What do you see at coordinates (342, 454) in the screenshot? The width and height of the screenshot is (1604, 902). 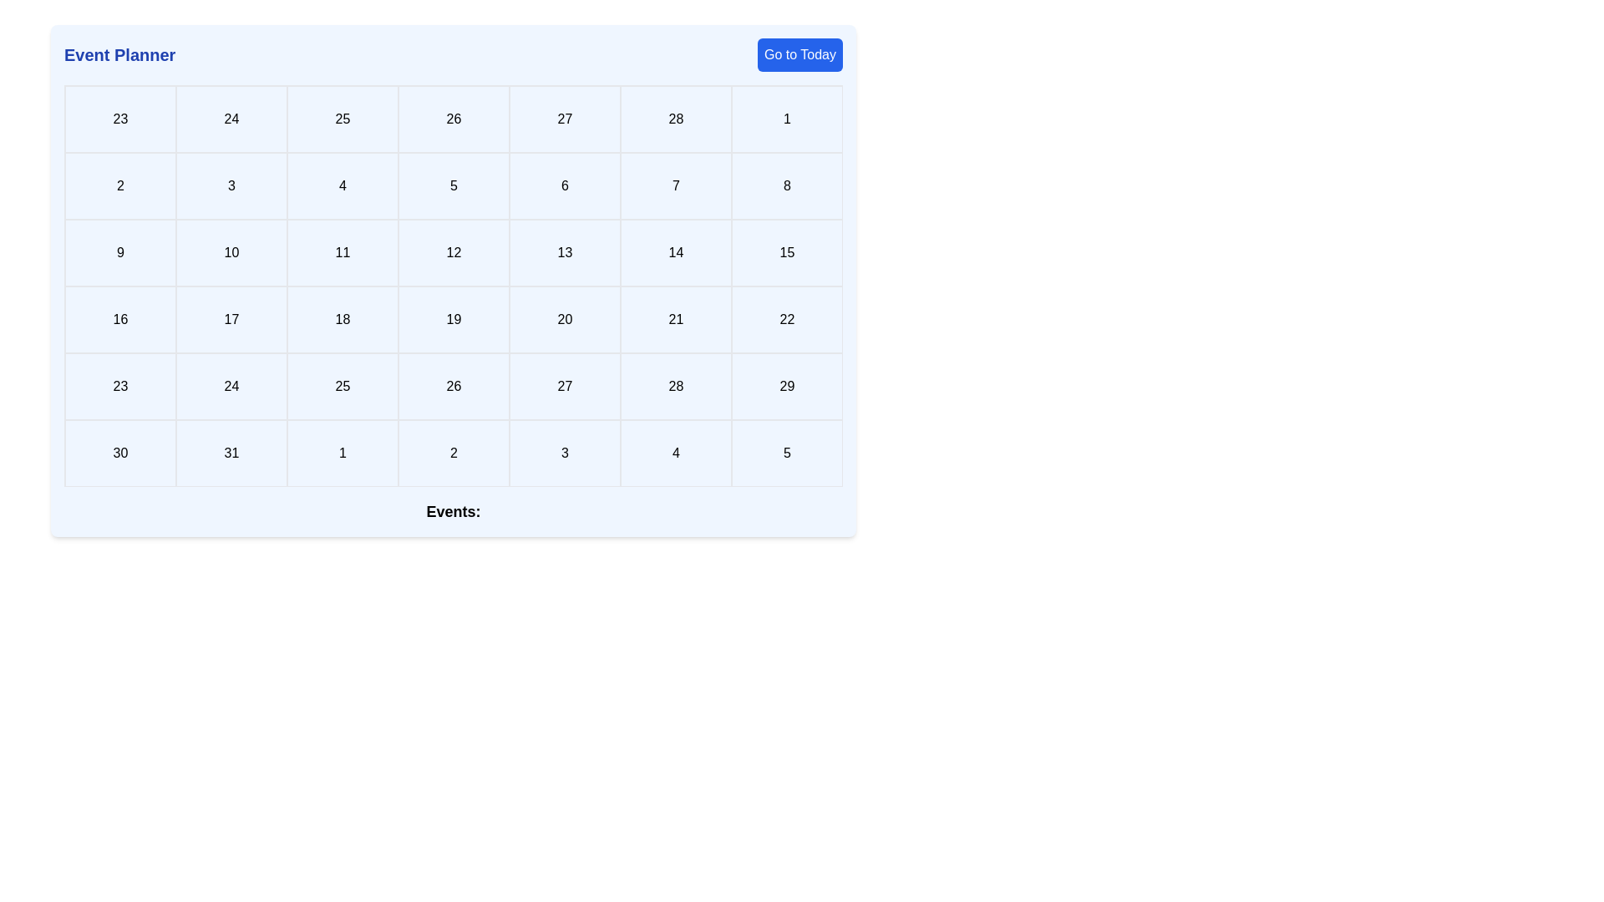 I see `the calendar cell containing the number '1' in the sixth row and third column` at bounding box center [342, 454].